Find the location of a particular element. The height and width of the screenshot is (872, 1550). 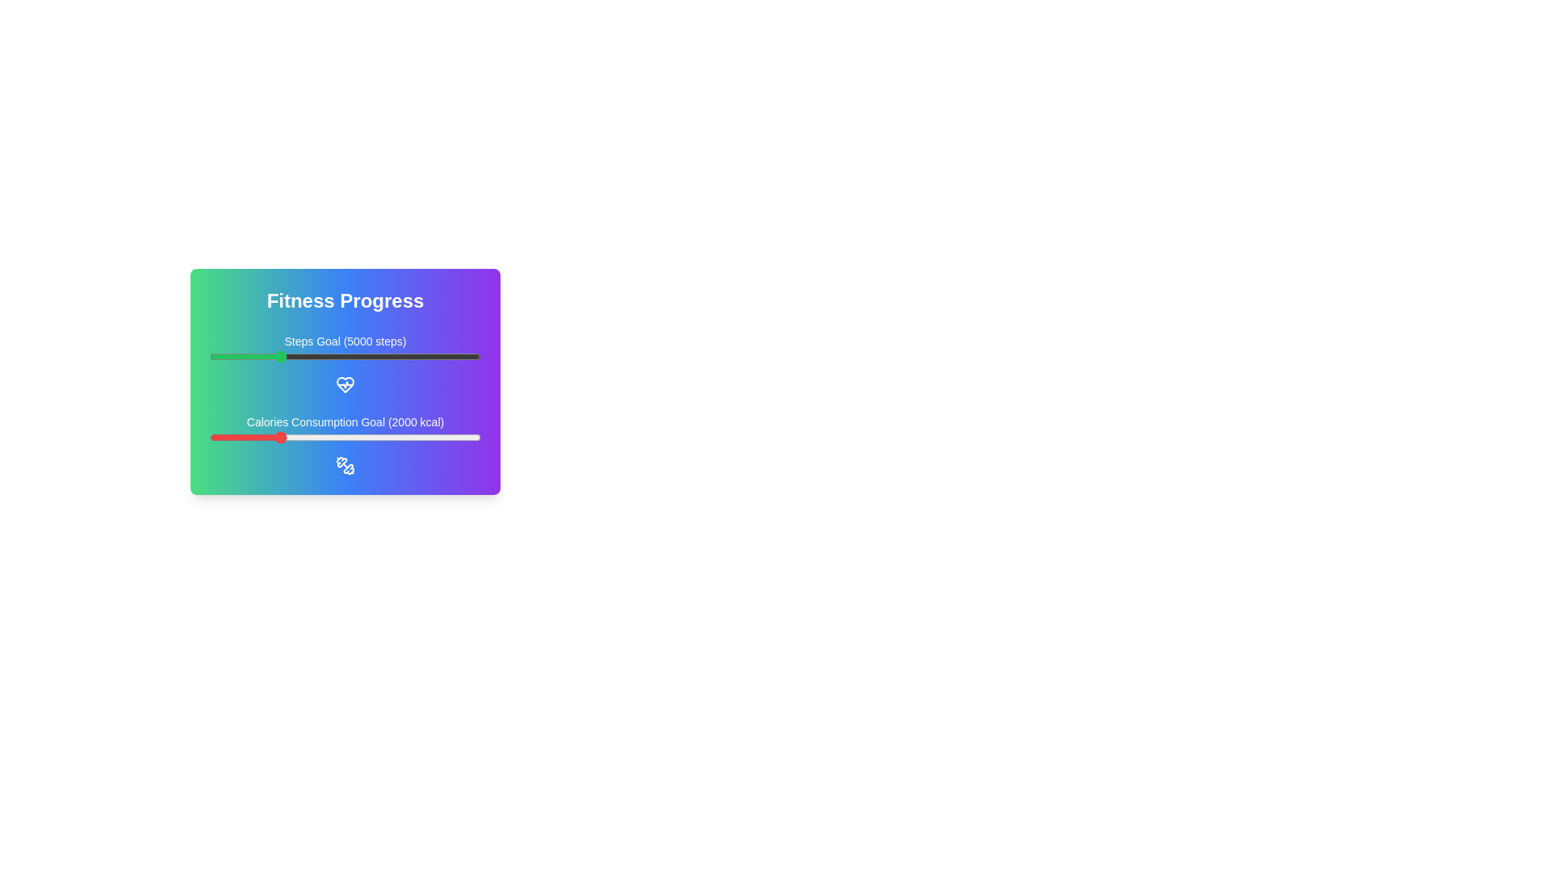

the heart with pulse icon that symbolizes health-related progress, located centrally beneath the 'Steps Goal (5000 steps)' text and above the 'Calories Consumption Goal (2000 kcal)' slider is located at coordinates (344, 385).